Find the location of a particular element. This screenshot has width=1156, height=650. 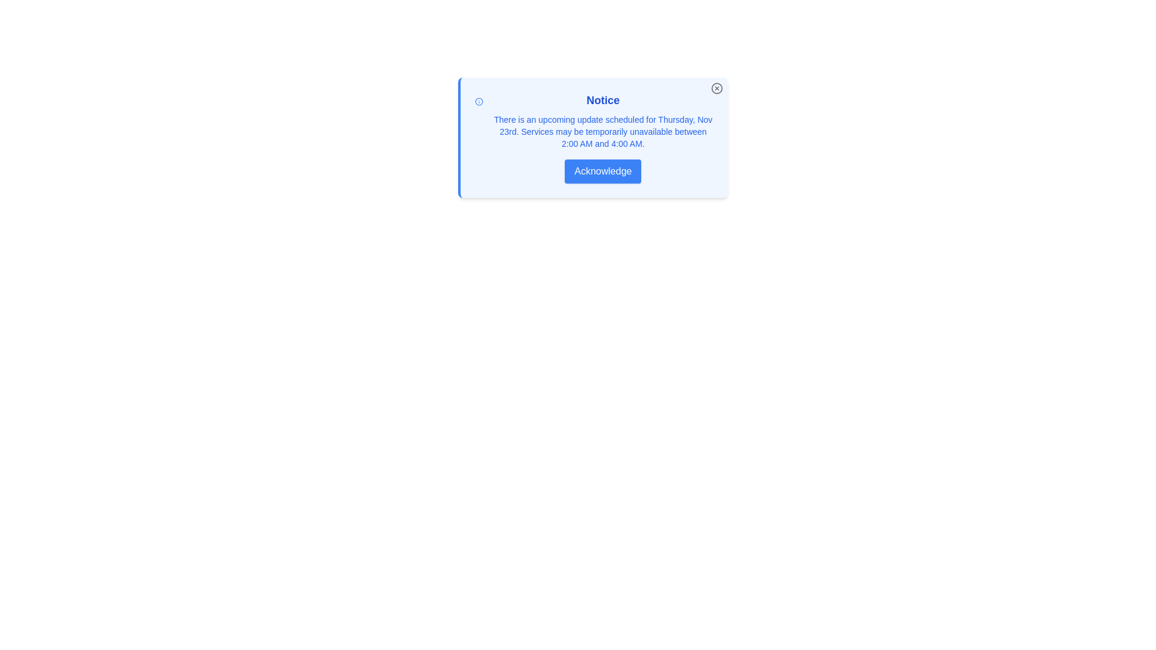

the static text providing an informational message about a scheduled update, located below the 'Notice' heading and above the 'Acknowledge' button is located at coordinates (603, 132).